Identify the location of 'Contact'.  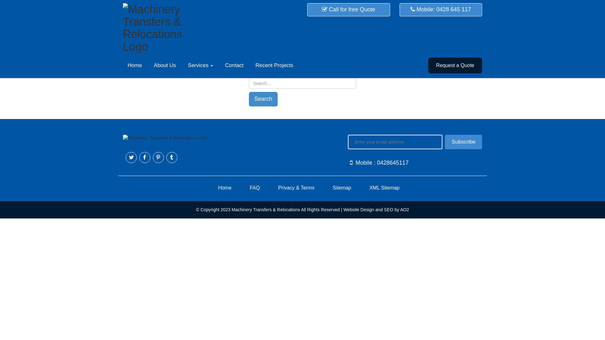
(234, 65).